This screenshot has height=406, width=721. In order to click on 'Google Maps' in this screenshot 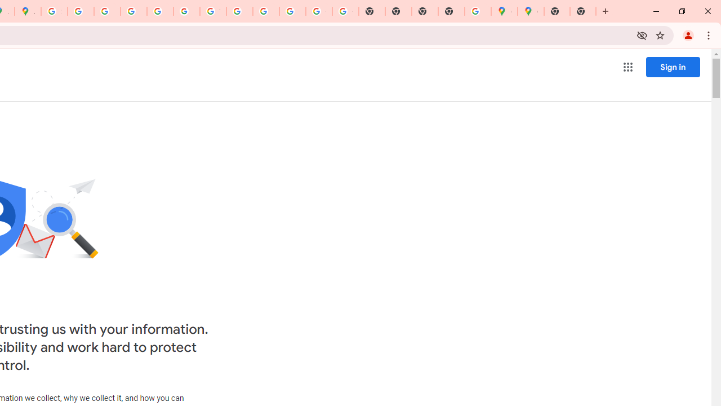, I will do `click(504, 11)`.